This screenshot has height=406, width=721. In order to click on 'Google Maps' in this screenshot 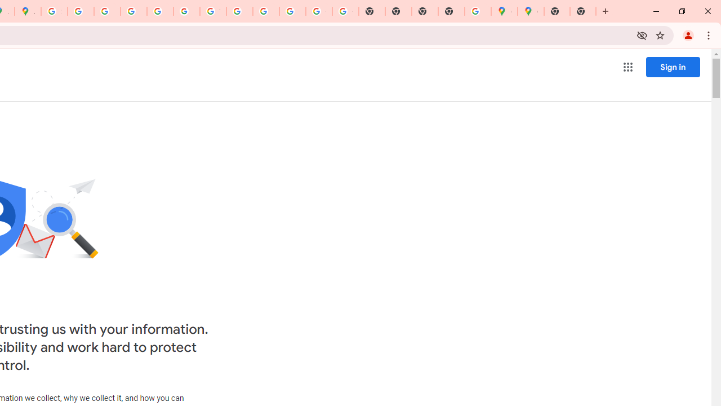, I will do `click(504, 11)`.